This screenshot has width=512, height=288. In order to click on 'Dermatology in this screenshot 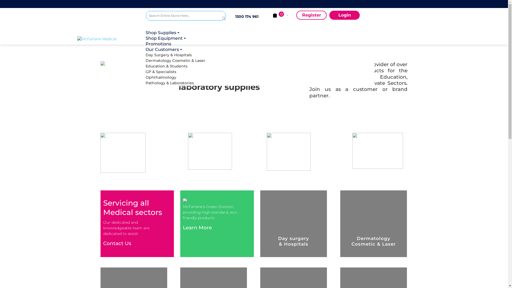, I will do `click(377, 224)`.